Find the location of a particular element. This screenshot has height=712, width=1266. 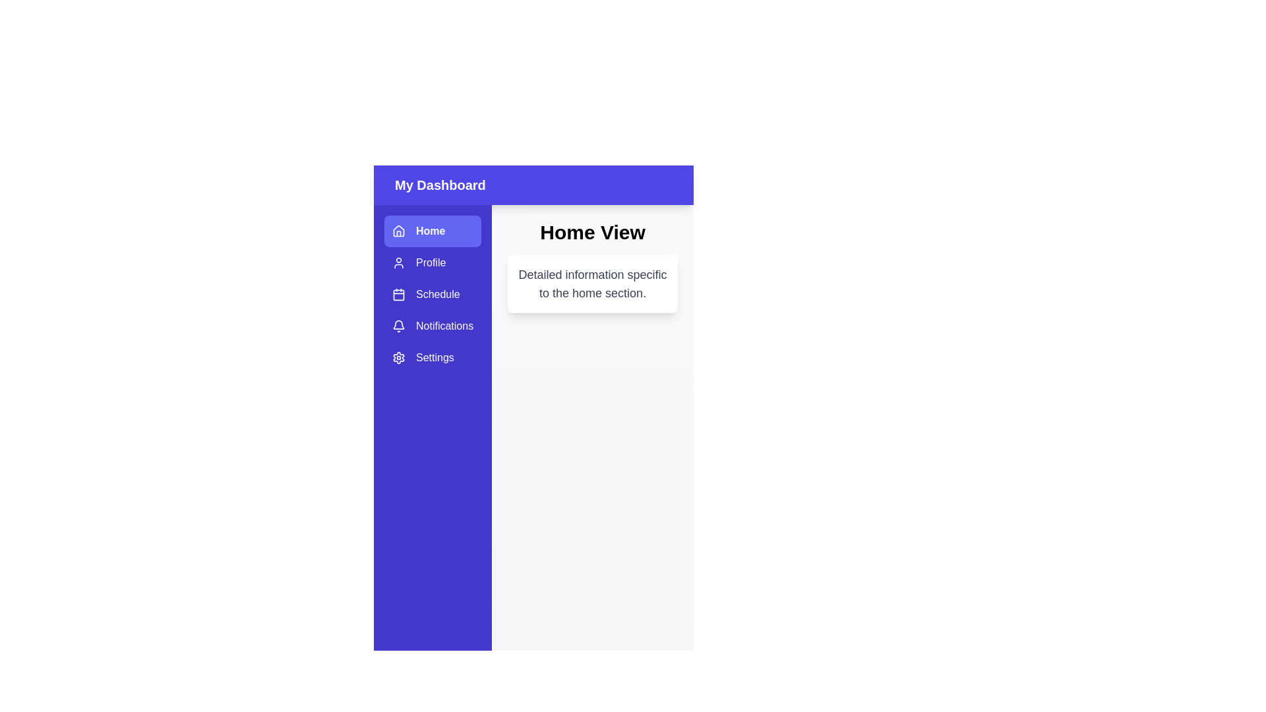

the tab Schedule in the sidebar menu is located at coordinates (433, 294).